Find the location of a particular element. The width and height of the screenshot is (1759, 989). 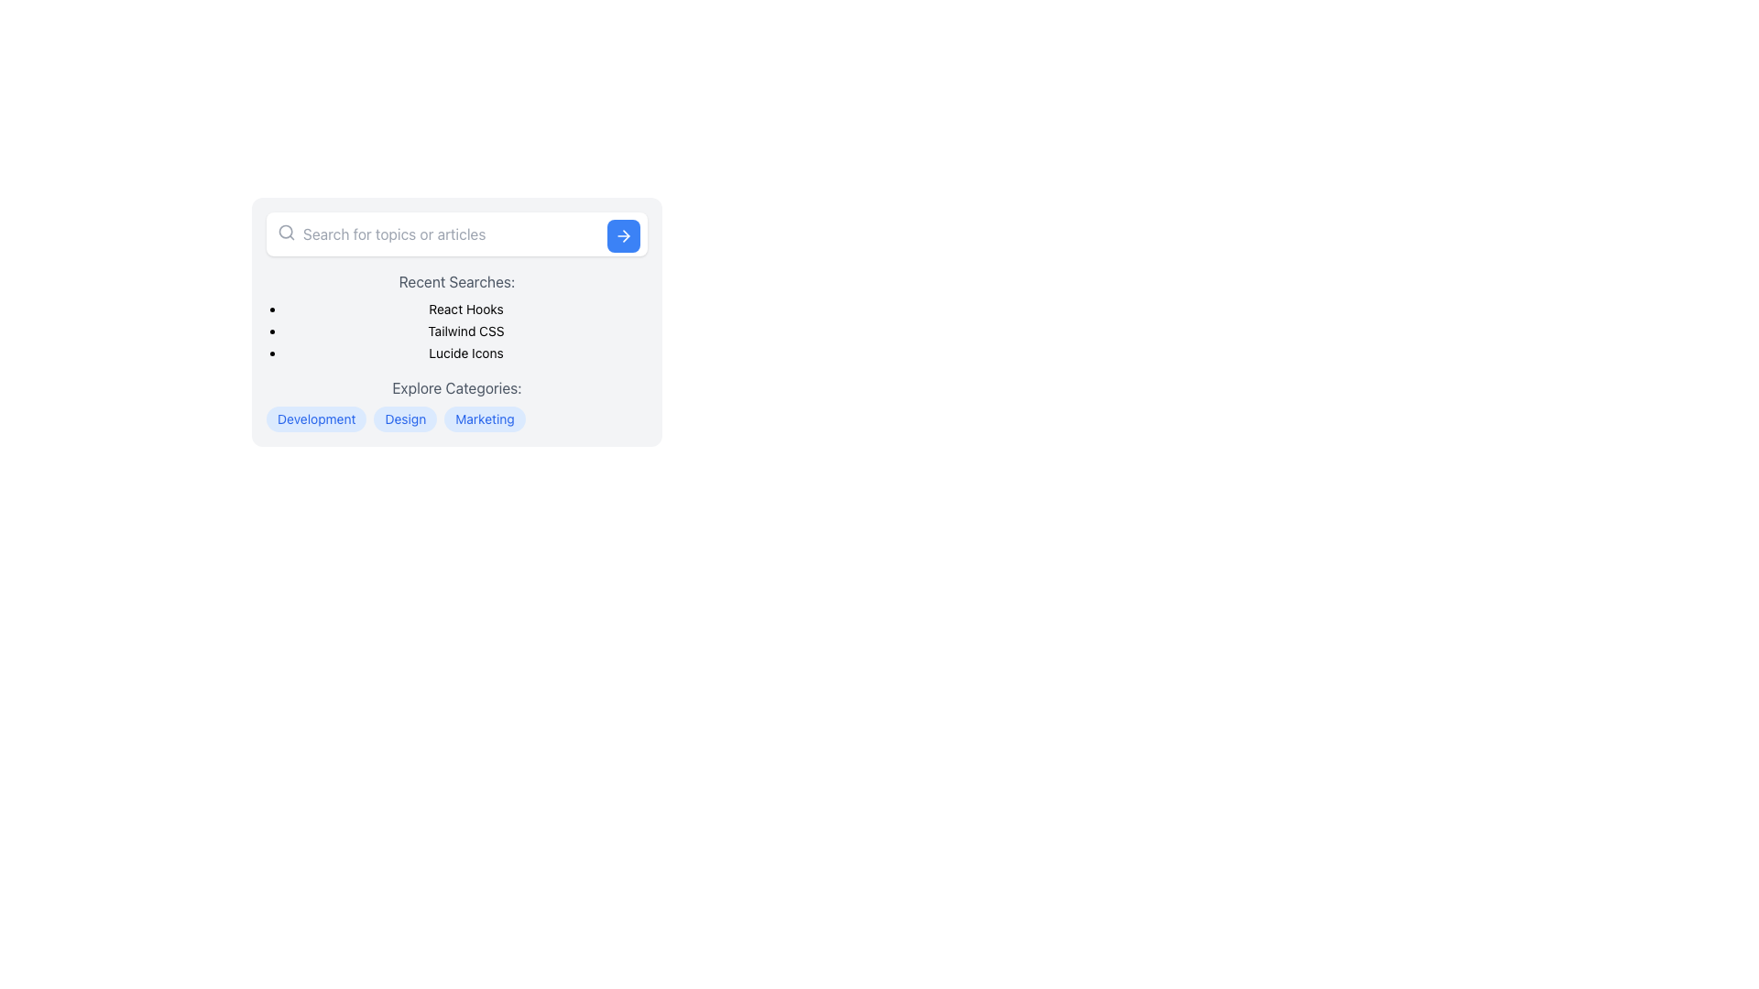

the gray magnifying glass icon located to the left of the input field in the top-left corner of the input area is located at coordinates (285, 232).